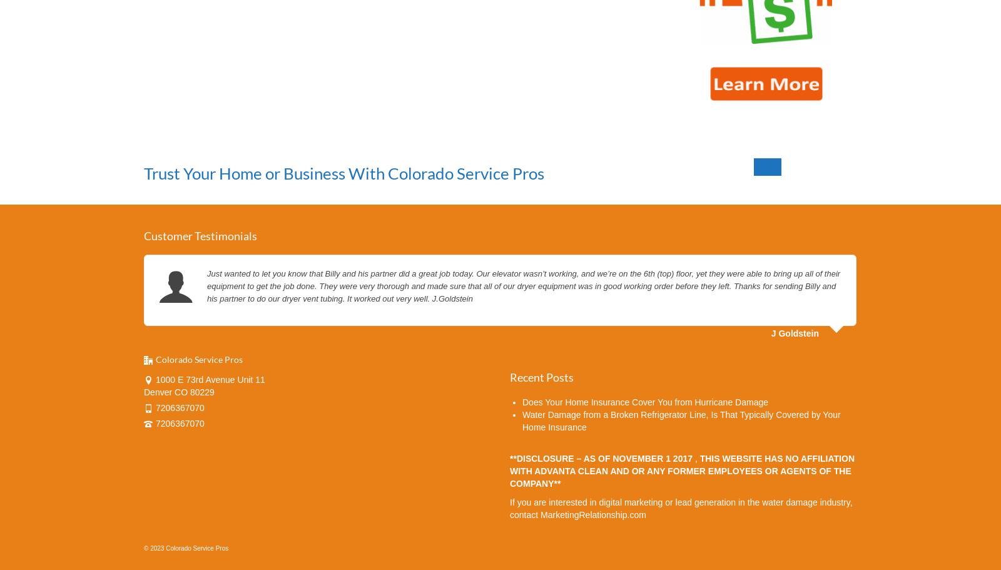 This screenshot has height=570, width=1001. Describe the element at coordinates (199, 359) in the screenshot. I see `'Colorado Service Pros'` at that location.